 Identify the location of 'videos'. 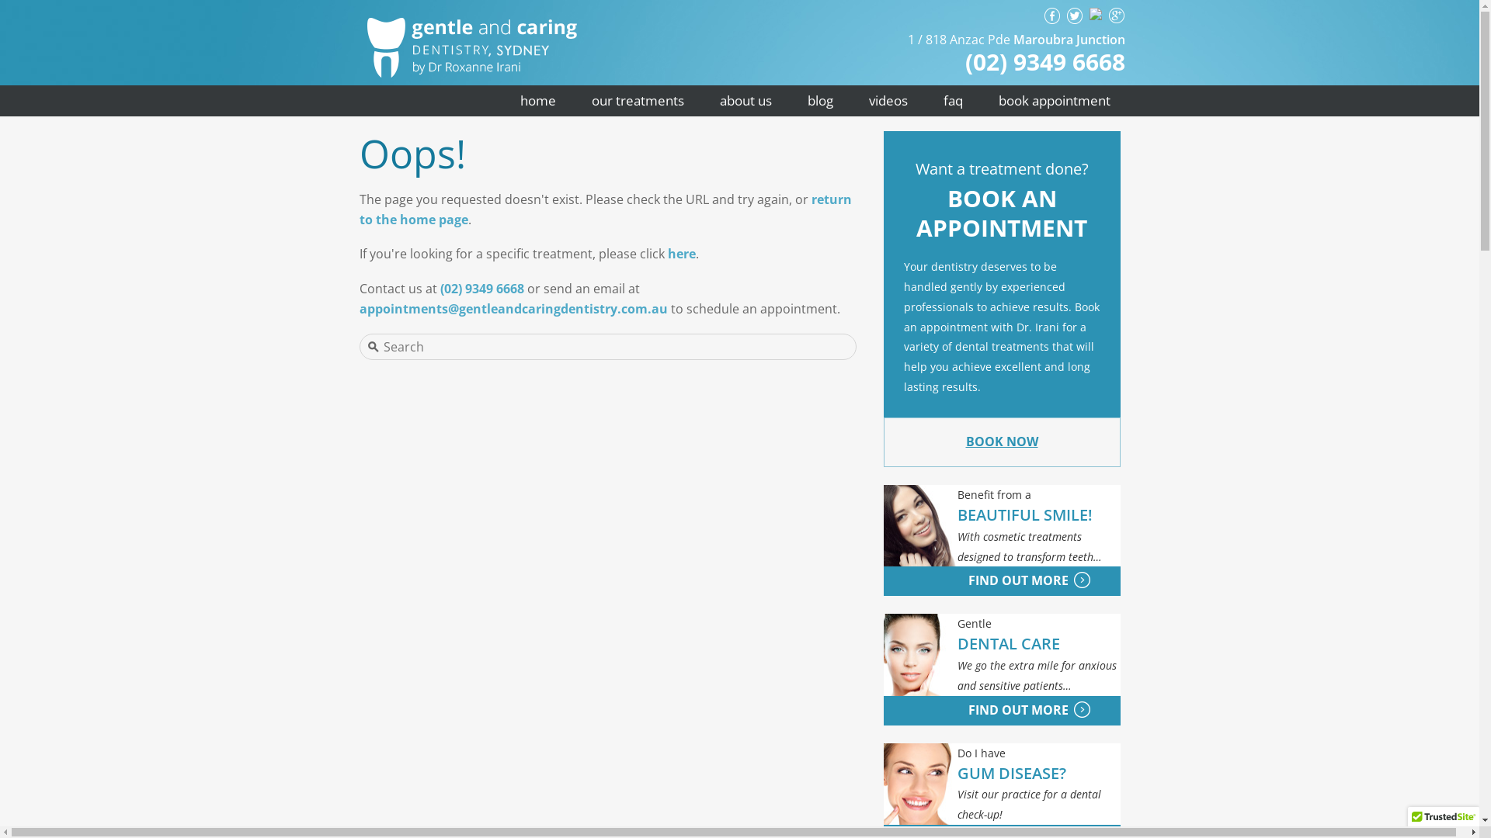
(888, 101).